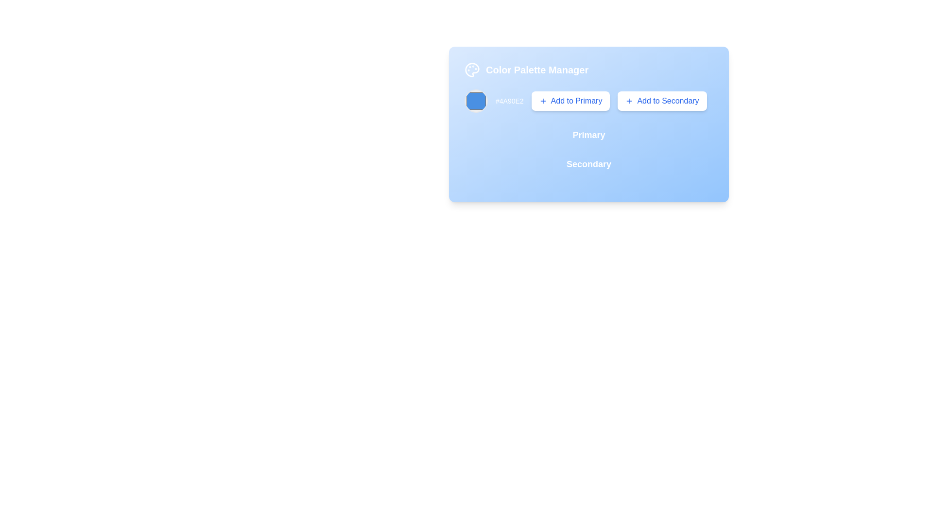 This screenshot has width=933, height=525. I want to click on the Text Label indicating the primary palette or category context located under the 'Color Palette Manager' header and above the 'Secondary' text, so click(588, 135).